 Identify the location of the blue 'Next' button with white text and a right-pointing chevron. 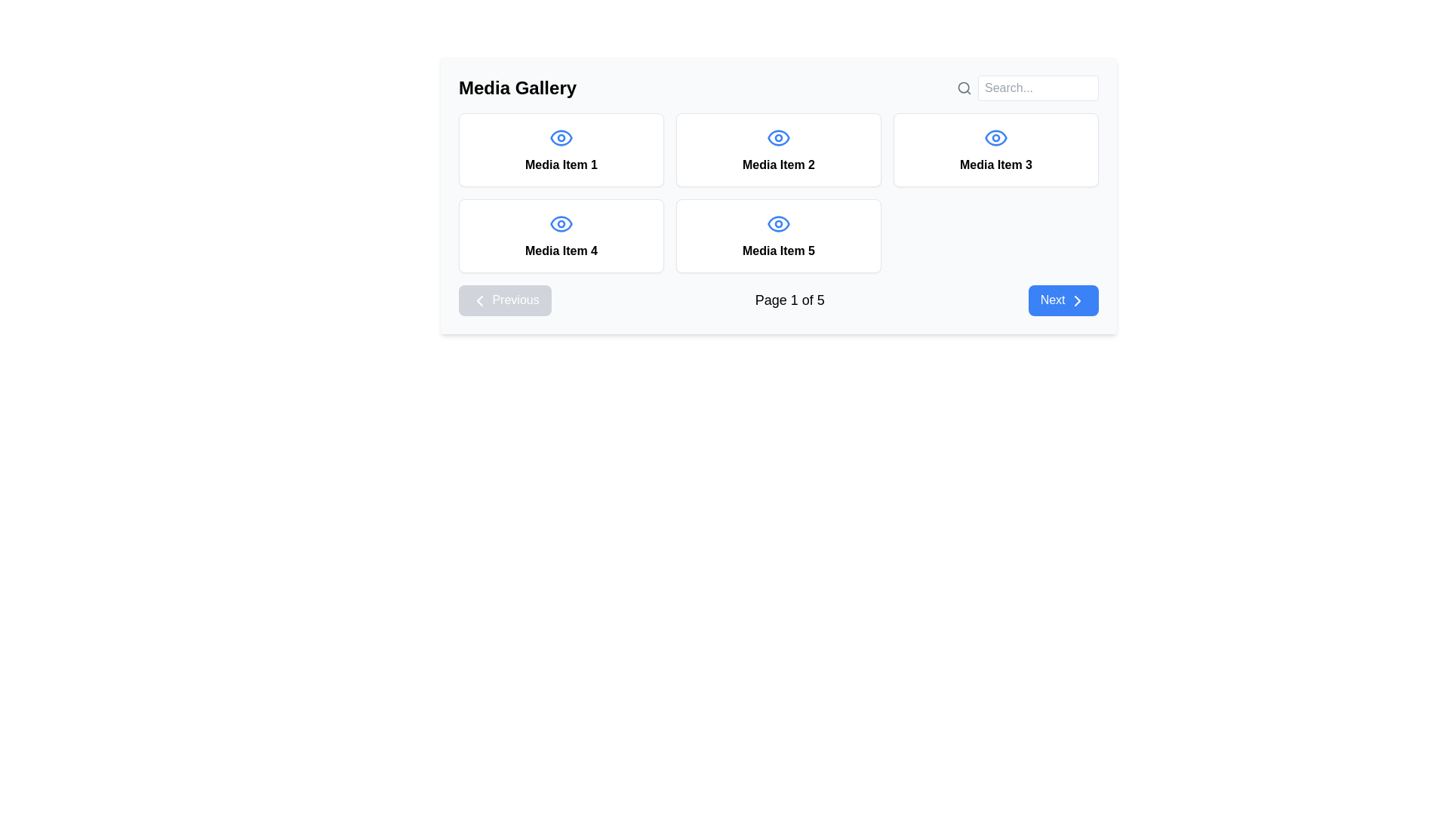
(1063, 300).